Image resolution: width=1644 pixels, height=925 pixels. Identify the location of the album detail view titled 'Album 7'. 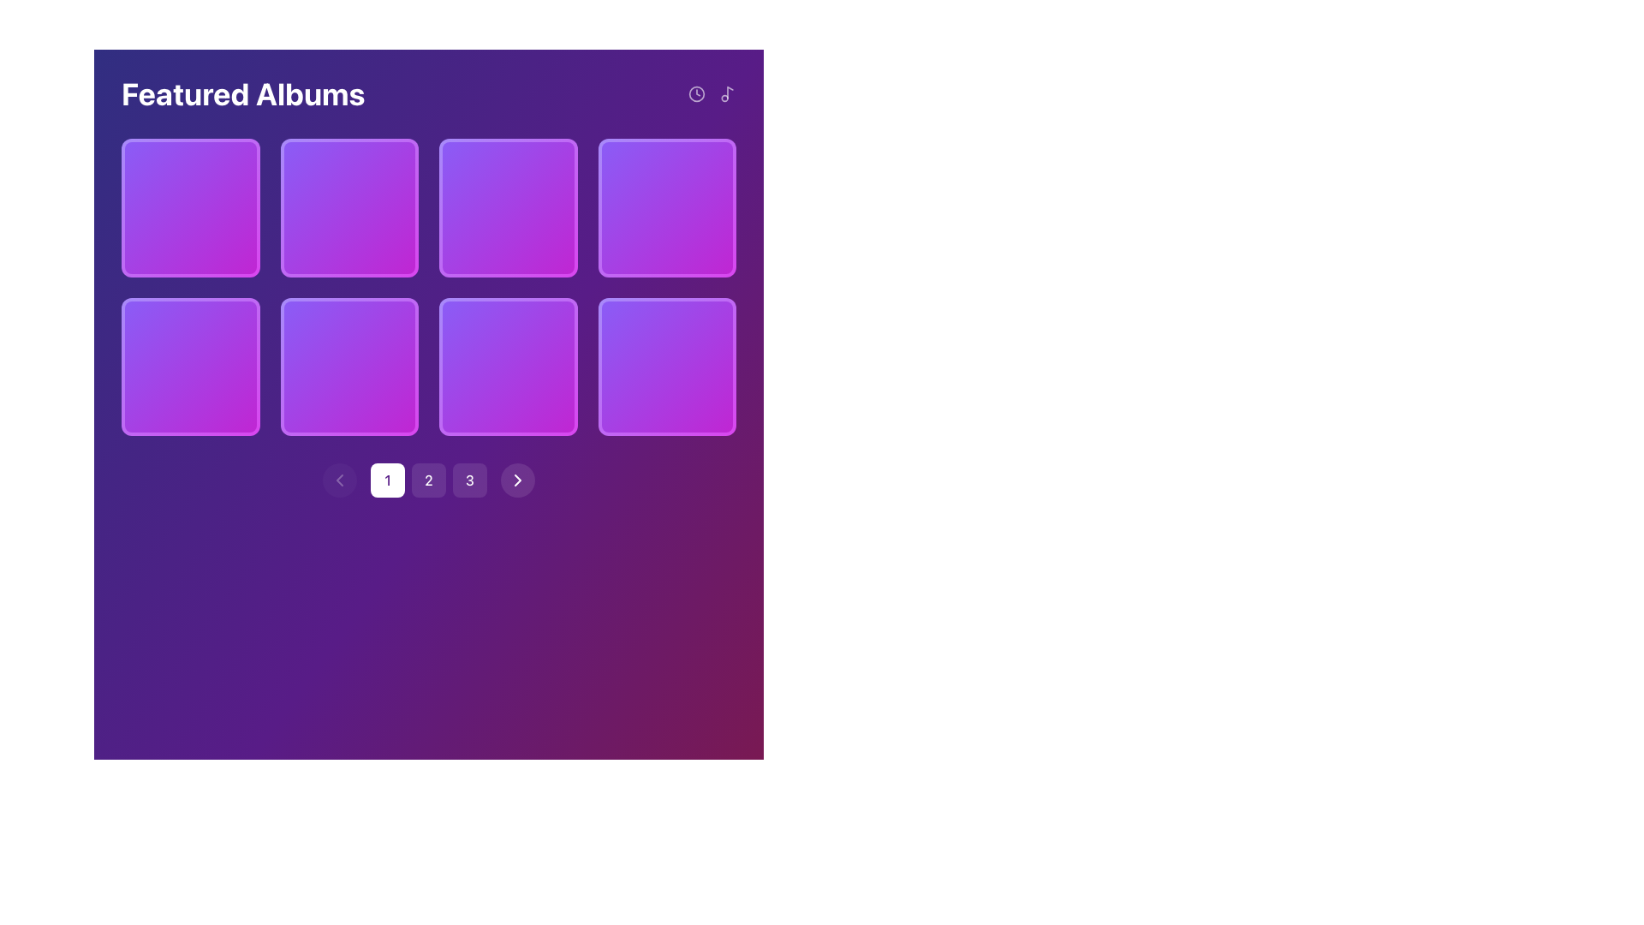
(507, 387).